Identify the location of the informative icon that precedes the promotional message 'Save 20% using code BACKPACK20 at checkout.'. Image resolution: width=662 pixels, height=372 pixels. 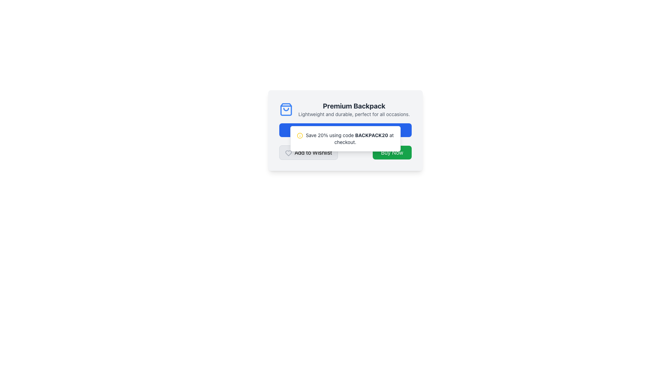
(300, 136).